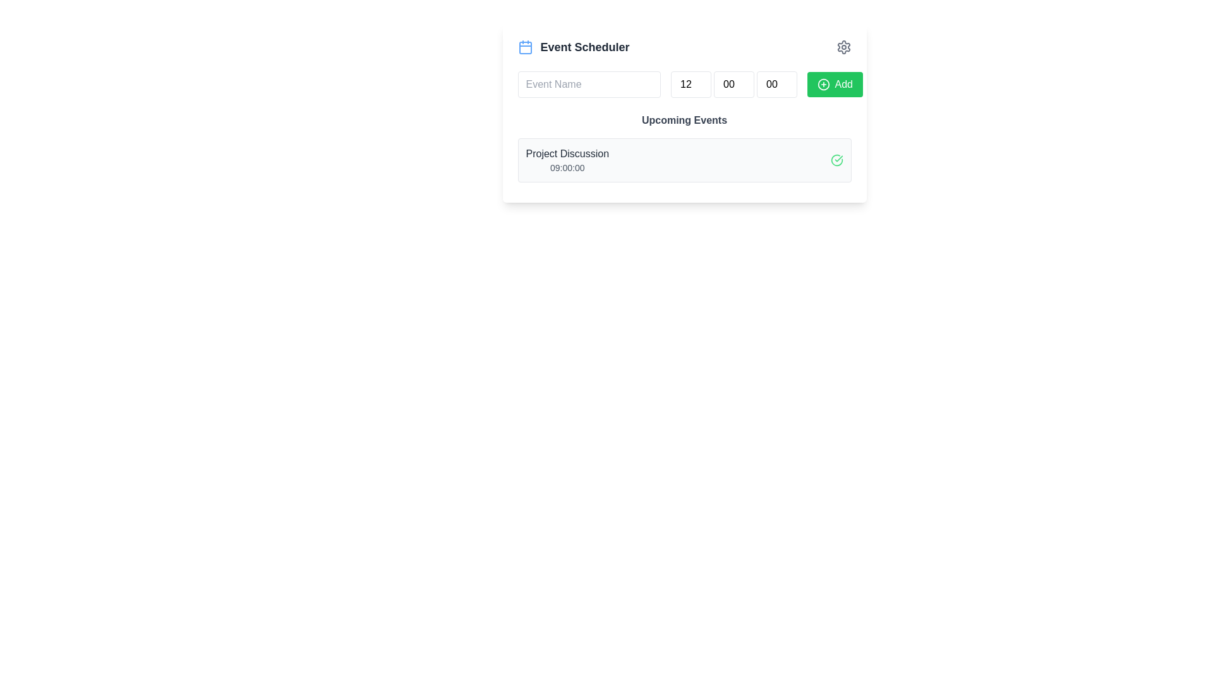 This screenshot has height=682, width=1213. I want to click on the static text label displaying '09:00:00', which is located directly below the 'Project Discussion' title in the bottom-right section of the panel, so click(567, 167).